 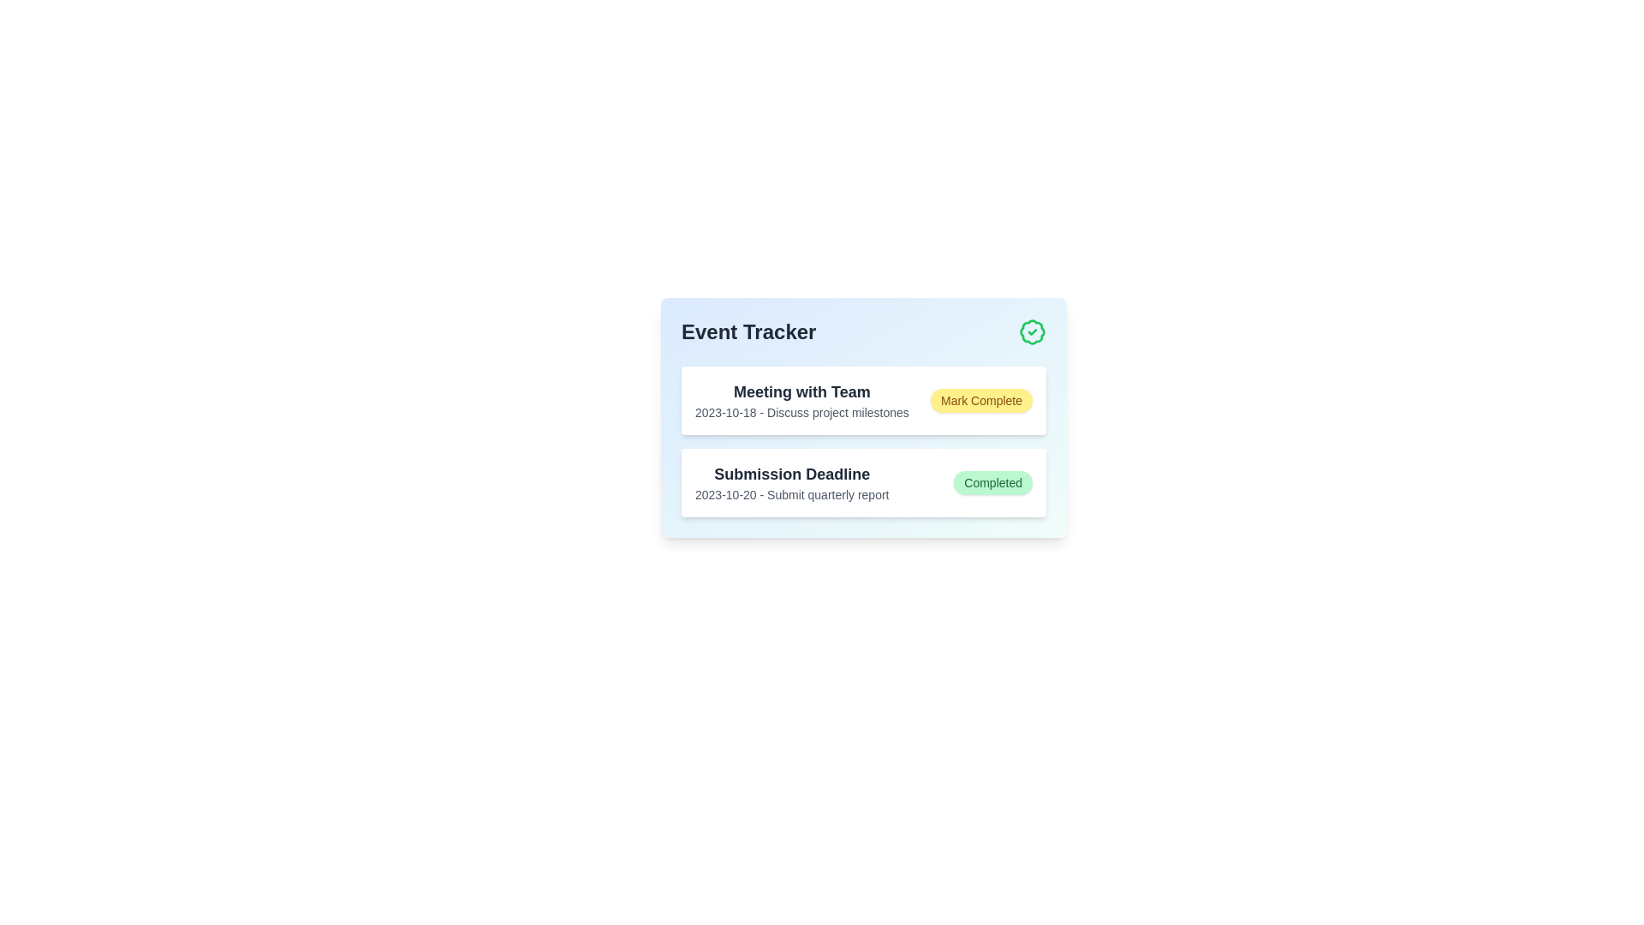 What do you see at coordinates (801, 413) in the screenshot?
I see `the text label that provides additional details about the meeting event, specifying the date (2023-10-18) and the purpose ('Discuss project milestones') within the 'Event Tracker' module` at bounding box center [801, 413].